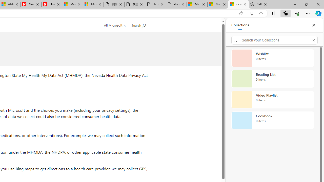 This screenshot has height=182, width=324. I want to click on 'Wishlist collection, 0 items', so click(272, 58).